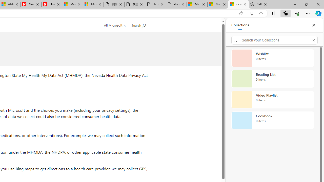 This screenshot has height=182, width=324. I want to click on 'Wishlist collection, 0 items', so click(272, 58).